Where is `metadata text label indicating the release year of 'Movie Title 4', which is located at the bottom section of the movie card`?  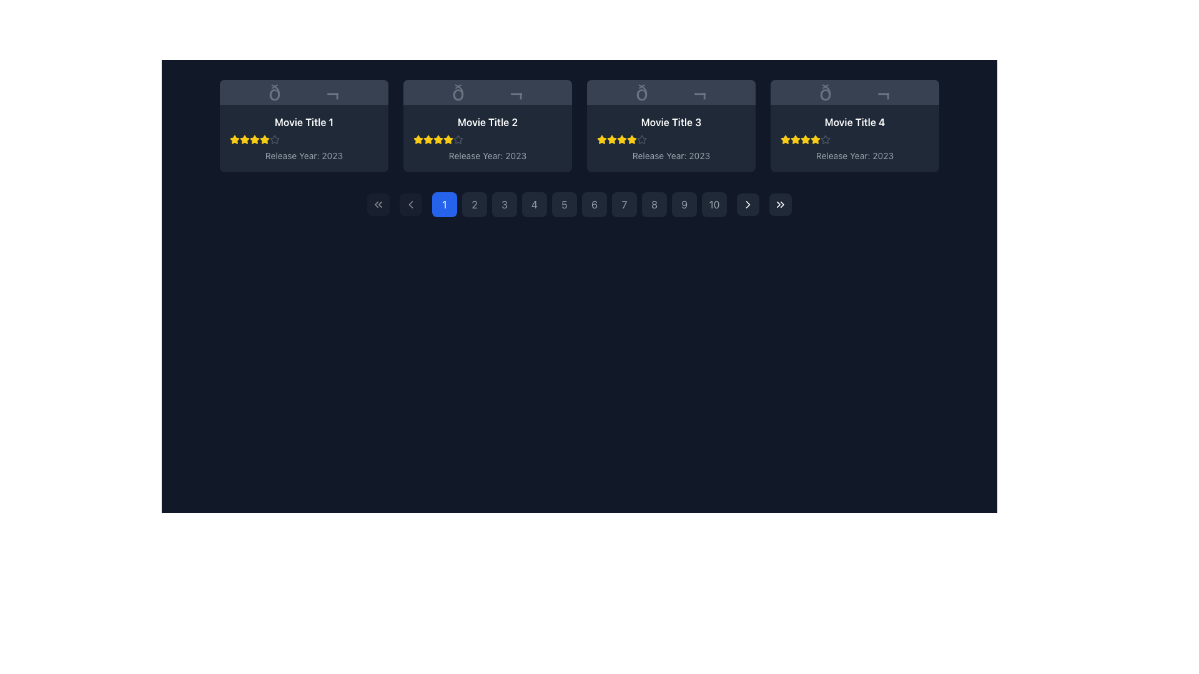
metadata text label indicating the release year of 'Movie Title 4', which is located at the bottom section of the movie card is located at coordinates (854, 155).